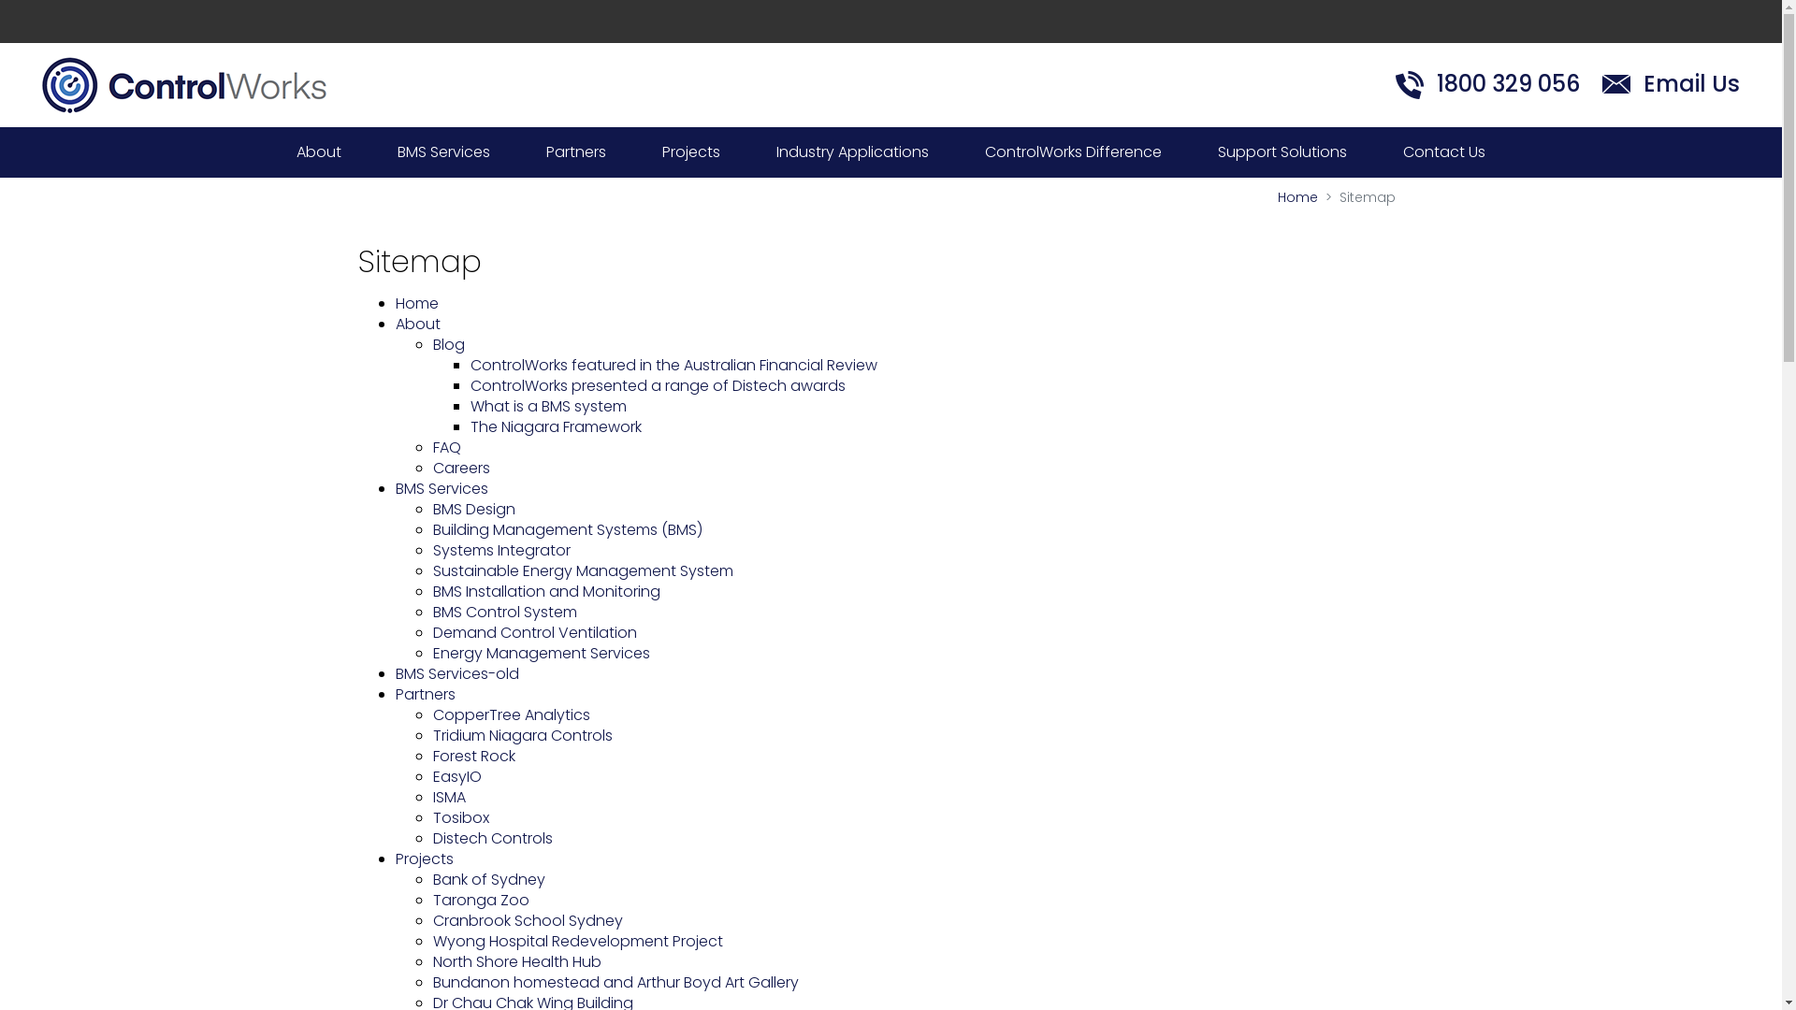 This screenshot has width=1796, height=1010. I want to click on 'Projects', so click(690, 151).